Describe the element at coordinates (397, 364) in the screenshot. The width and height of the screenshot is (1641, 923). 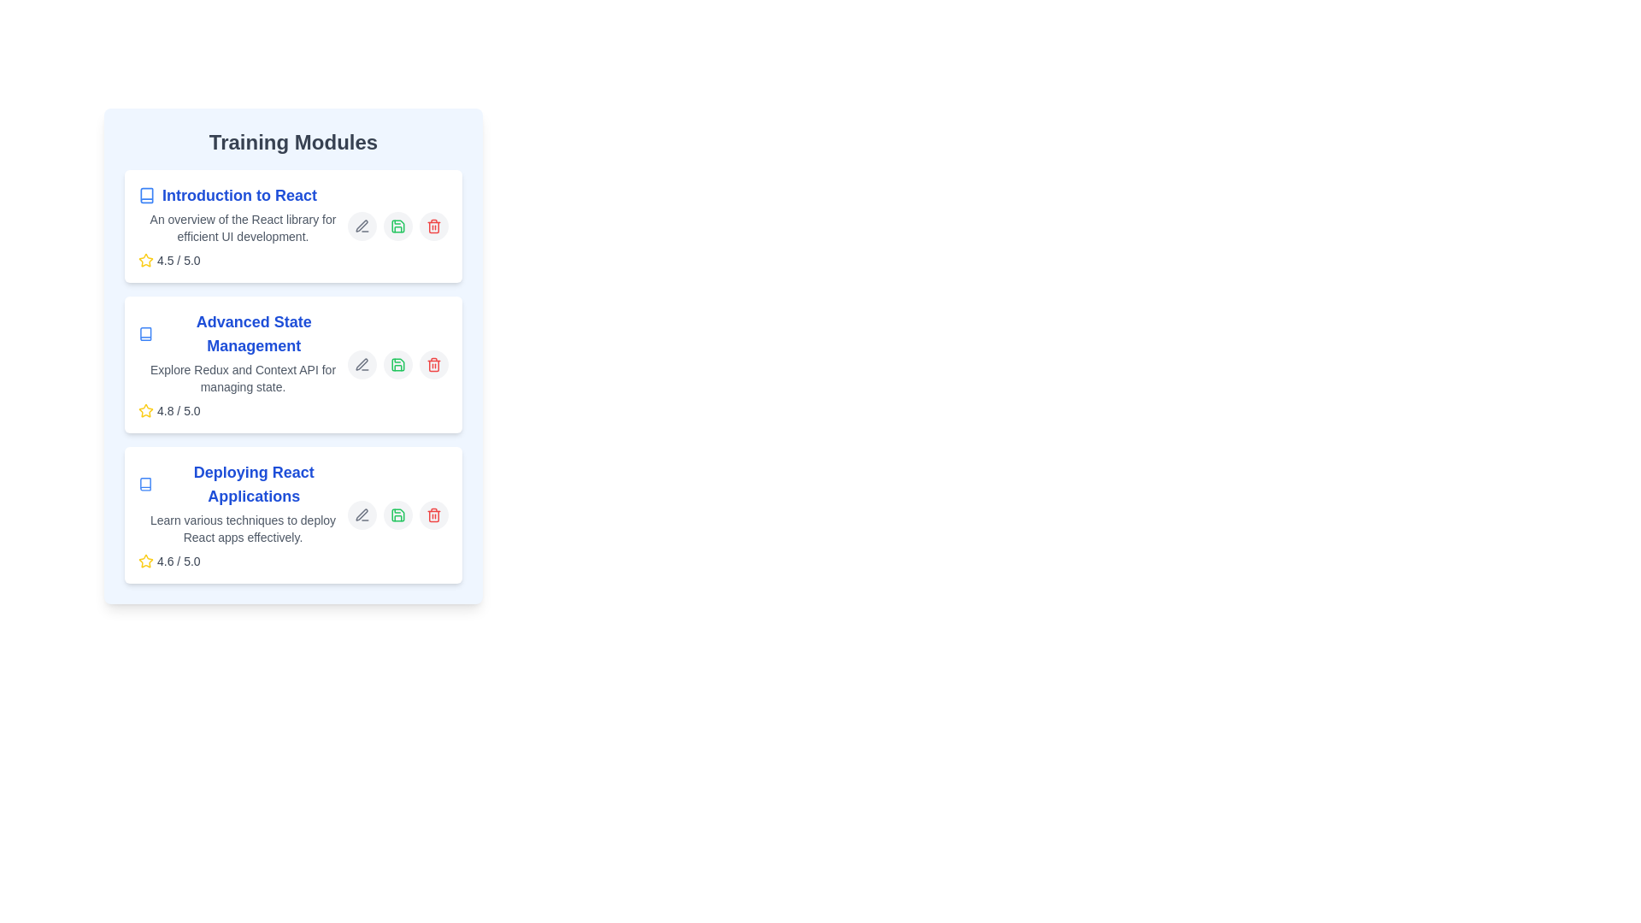
I see `the green save icon button, represented by a floppy disk, located in the third row of the 'Training Modules' section, to the right of the 'Advanced State Management' module card` at that location.